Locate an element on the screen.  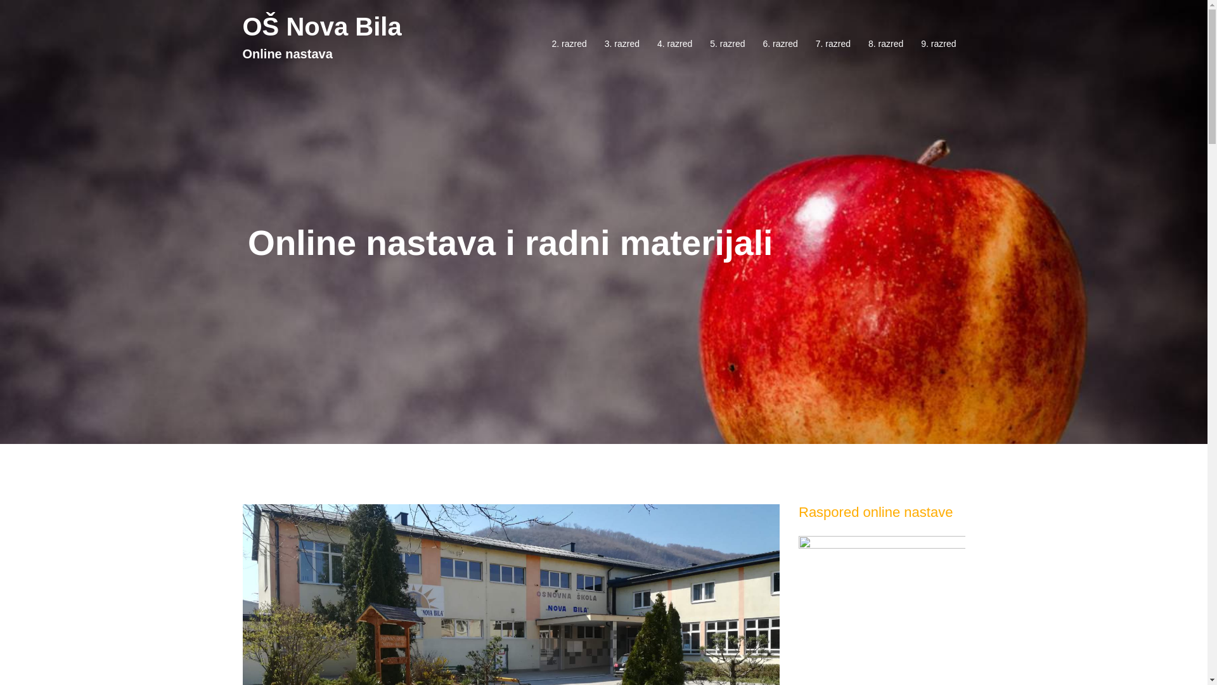
'5. razred' is located at coordinates (727, 43).